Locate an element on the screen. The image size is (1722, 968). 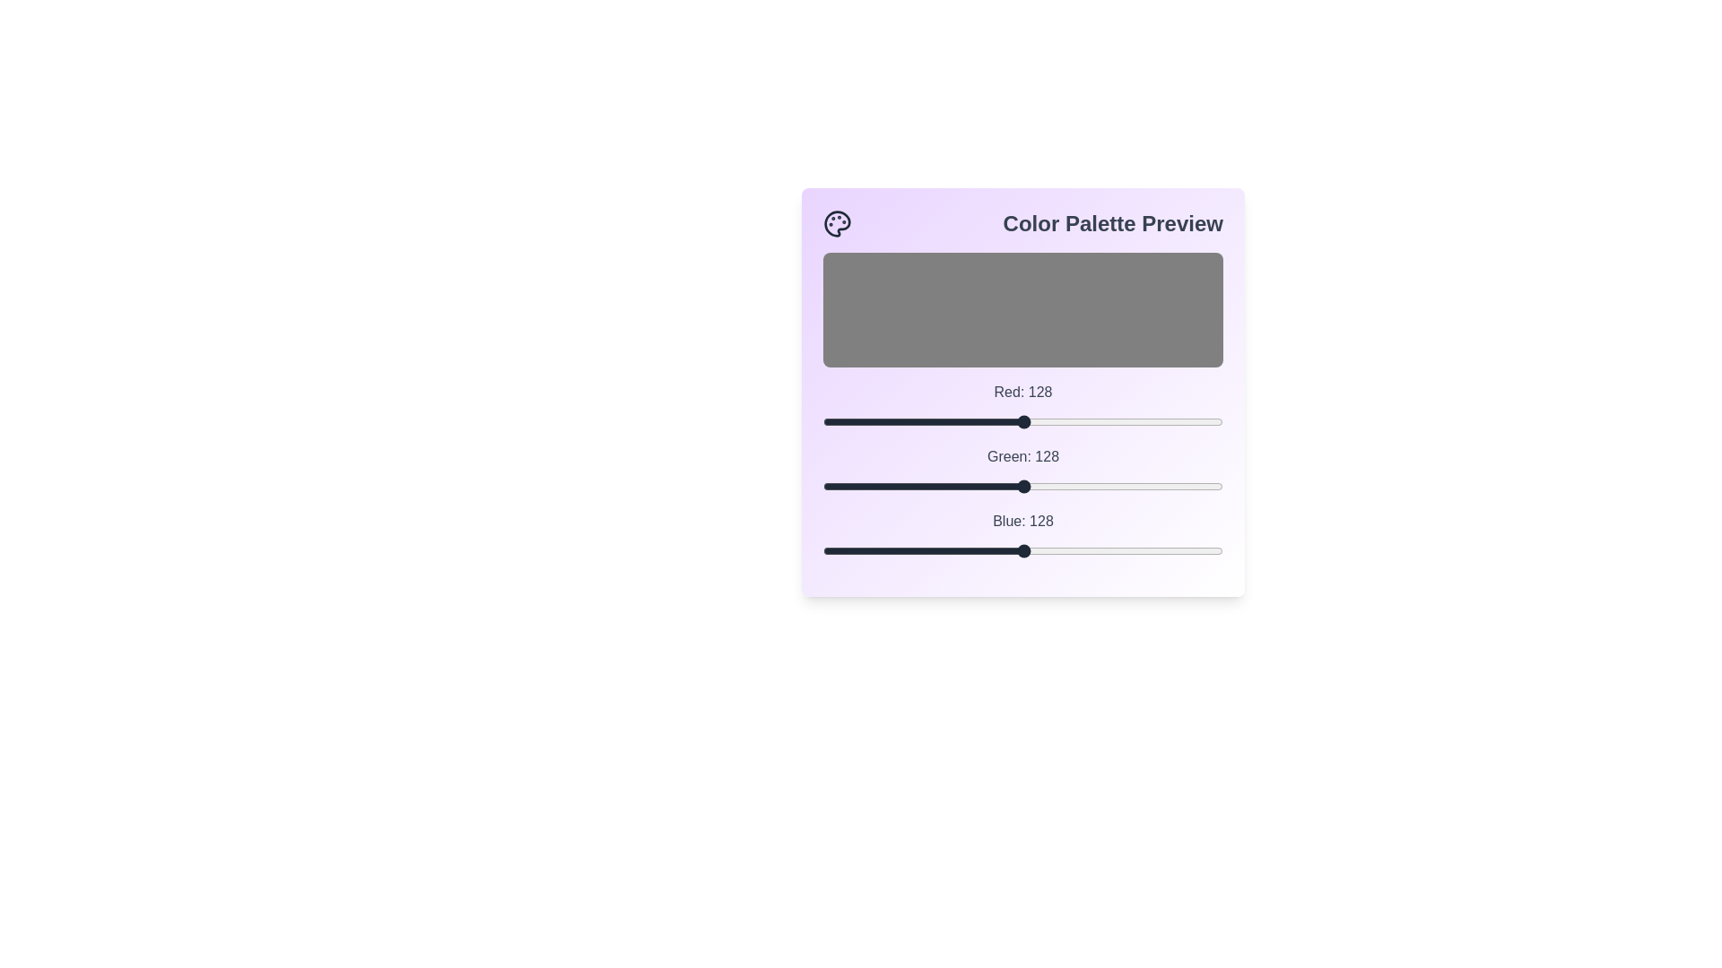
the text label indicating the current value (128) for the blue color channel in the Color Palette Preview section is located at coordinates (1023, 522).